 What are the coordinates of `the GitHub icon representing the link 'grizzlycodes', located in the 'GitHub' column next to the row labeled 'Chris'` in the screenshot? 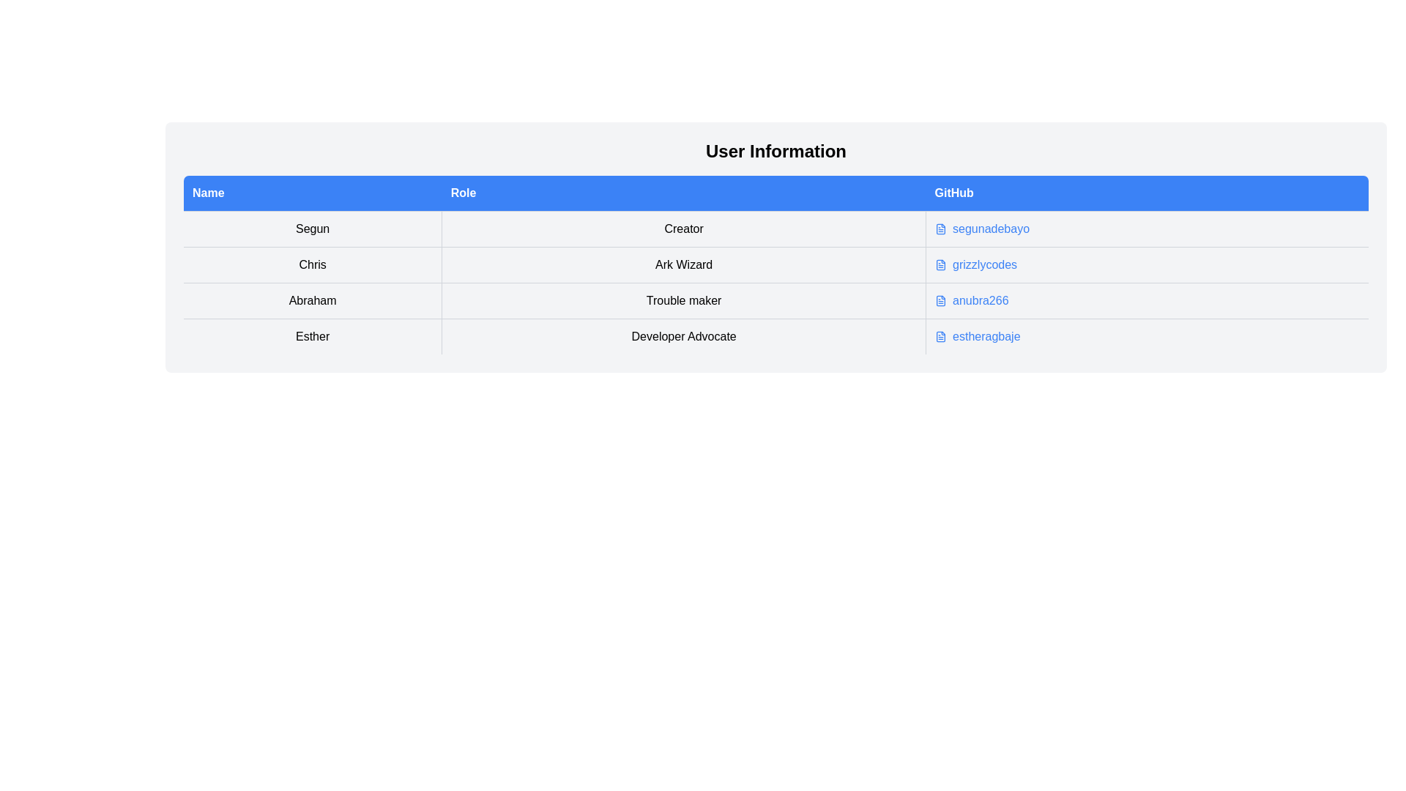 It's located at (941, 265).